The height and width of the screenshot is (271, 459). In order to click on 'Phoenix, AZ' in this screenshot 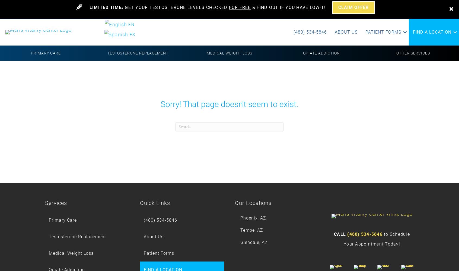, I will do `click(253, 218)`.